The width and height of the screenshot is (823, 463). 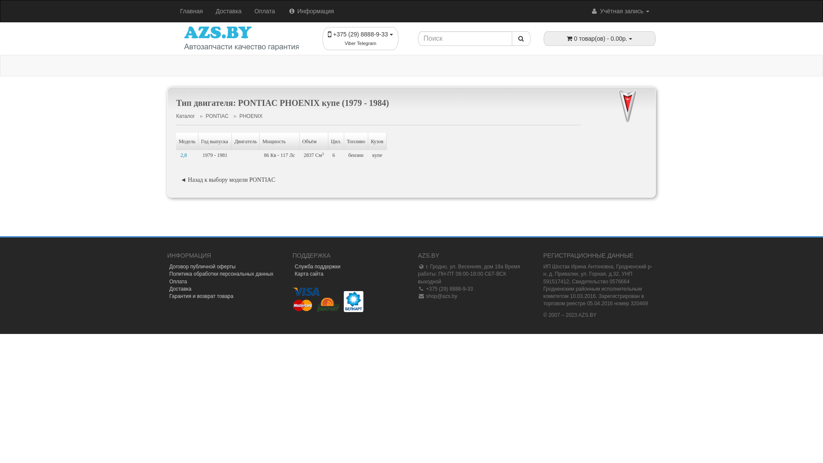 I want to click on 'PONTI', so click(x=608, y=106).